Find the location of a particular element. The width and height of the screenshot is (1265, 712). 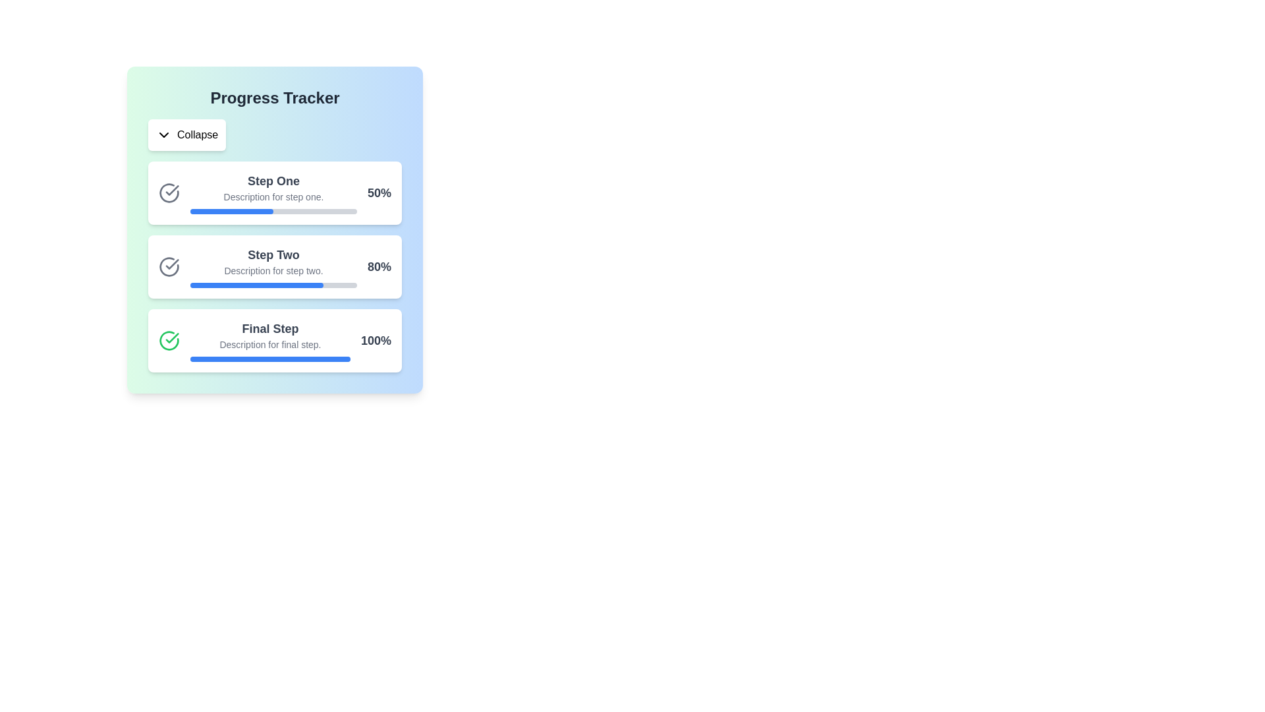

the text label 'Step One' which is prominently displayed in a bold, large font with dark gray color, located at the beginning of the first progress item in a vertical list of steps is located at coordinates (273, 181).